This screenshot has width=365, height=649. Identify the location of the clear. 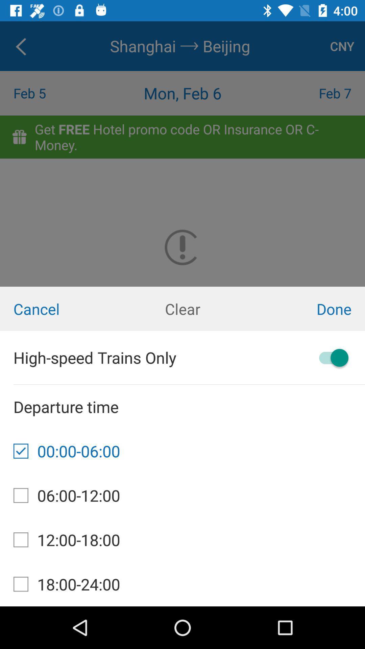
(182, 308).